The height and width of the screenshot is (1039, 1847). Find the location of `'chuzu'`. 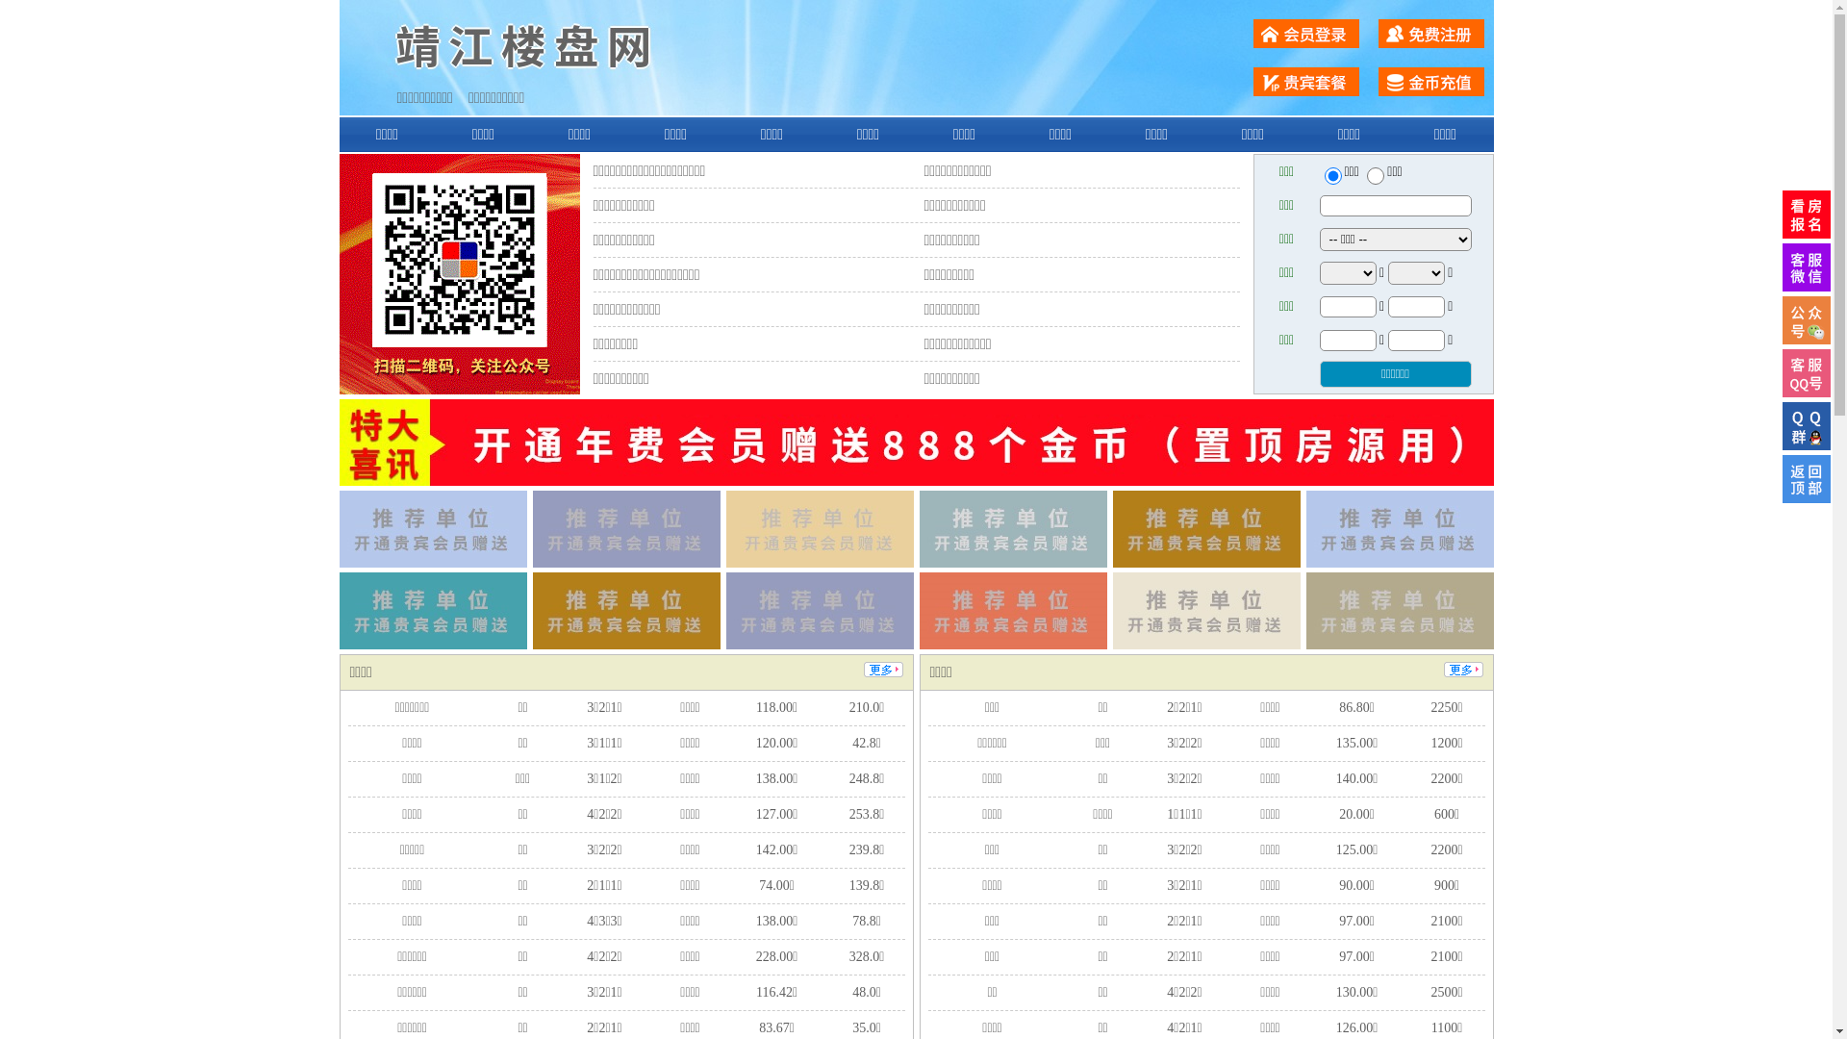

'chuzu' is located at coordinates (1375, 175).